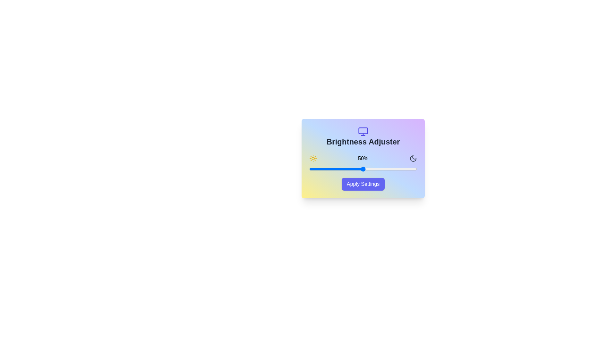 The image size is (616, 346). What do you see at coordinates (403, 169) in the screenshot?
I see `the brightness slider to 87%` at bounding box center [403, 169].